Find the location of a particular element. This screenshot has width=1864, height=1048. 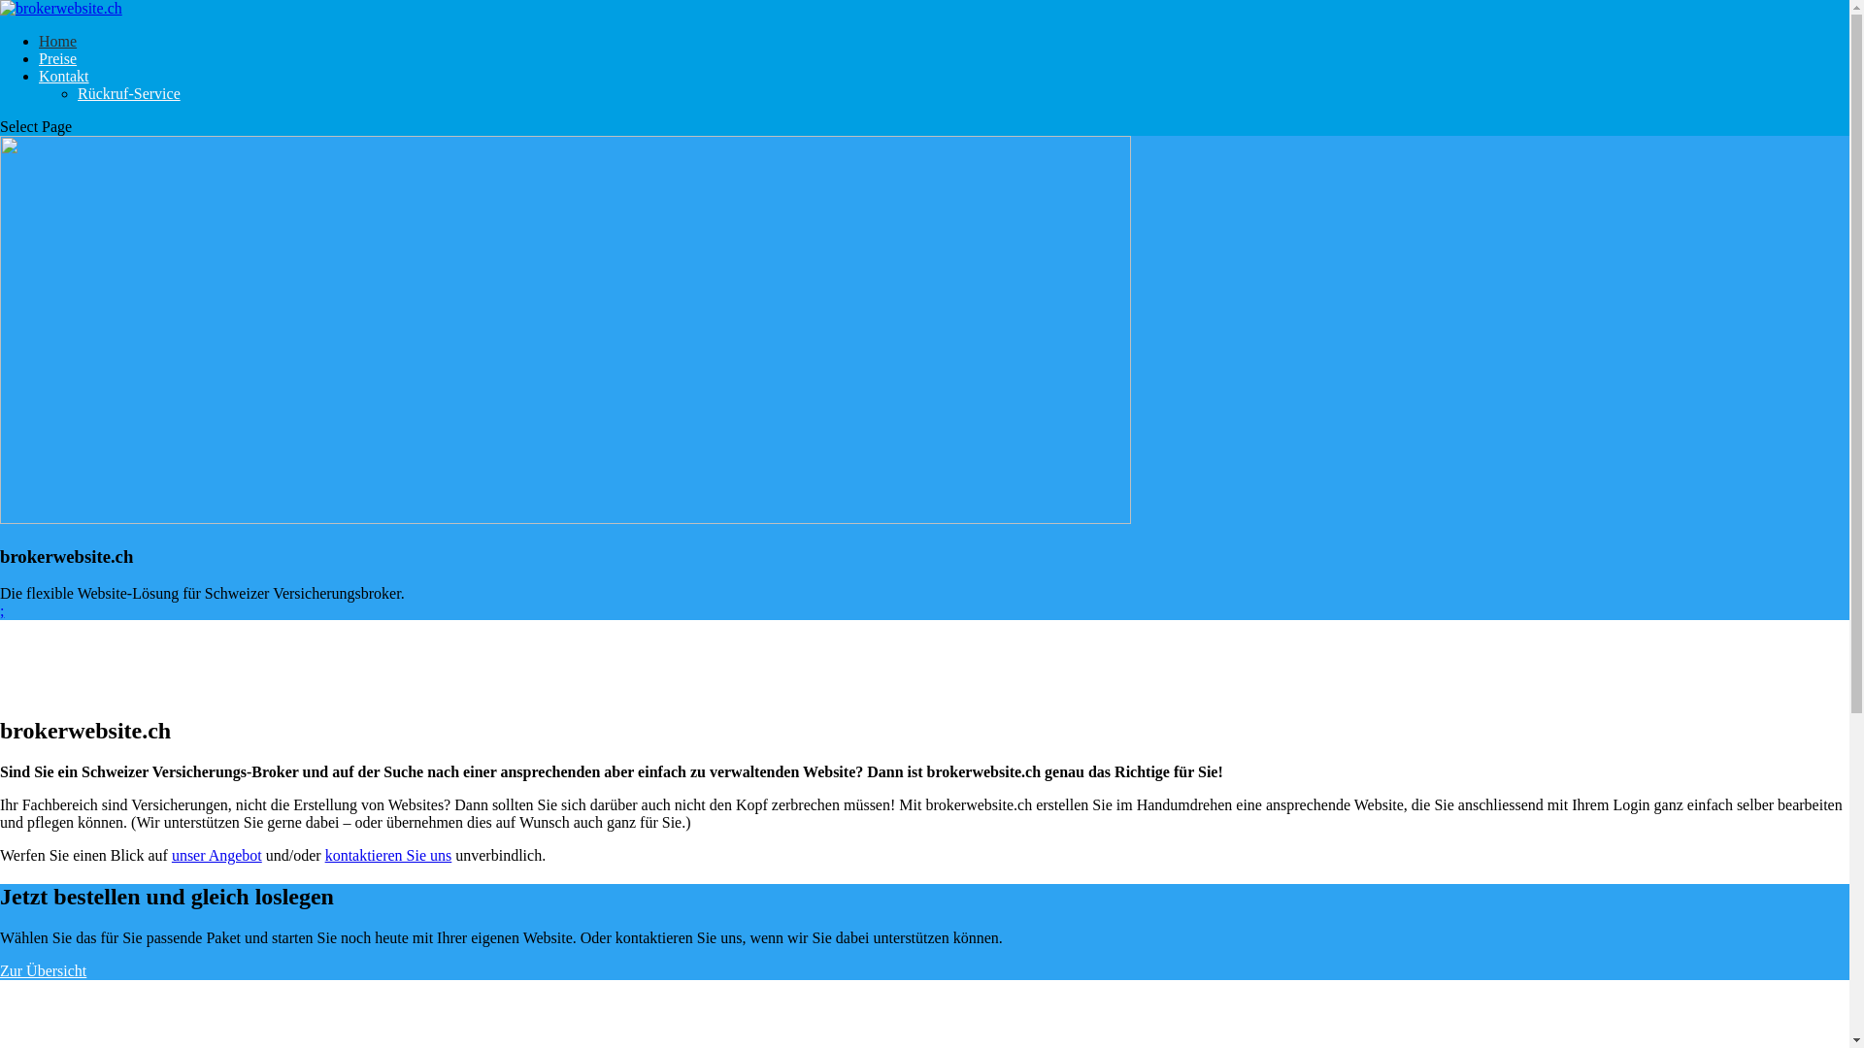

'Kontakt' is located at coordinates (38, 75).